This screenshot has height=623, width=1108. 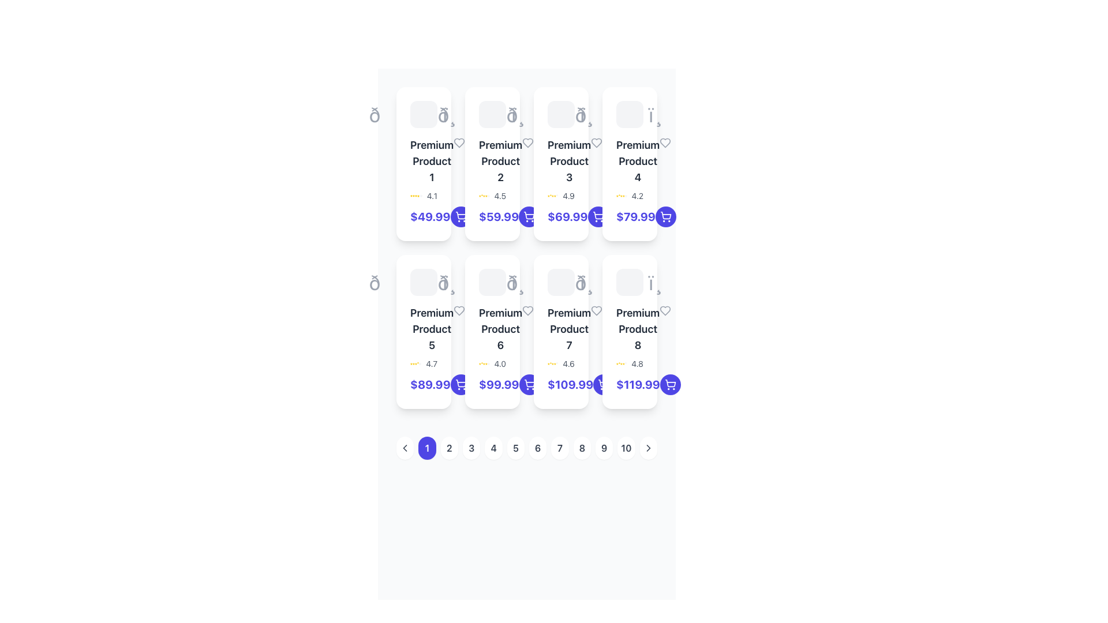 I want to click on the rating display widget for 'Premium Product 8', so click(x=629, y=364).